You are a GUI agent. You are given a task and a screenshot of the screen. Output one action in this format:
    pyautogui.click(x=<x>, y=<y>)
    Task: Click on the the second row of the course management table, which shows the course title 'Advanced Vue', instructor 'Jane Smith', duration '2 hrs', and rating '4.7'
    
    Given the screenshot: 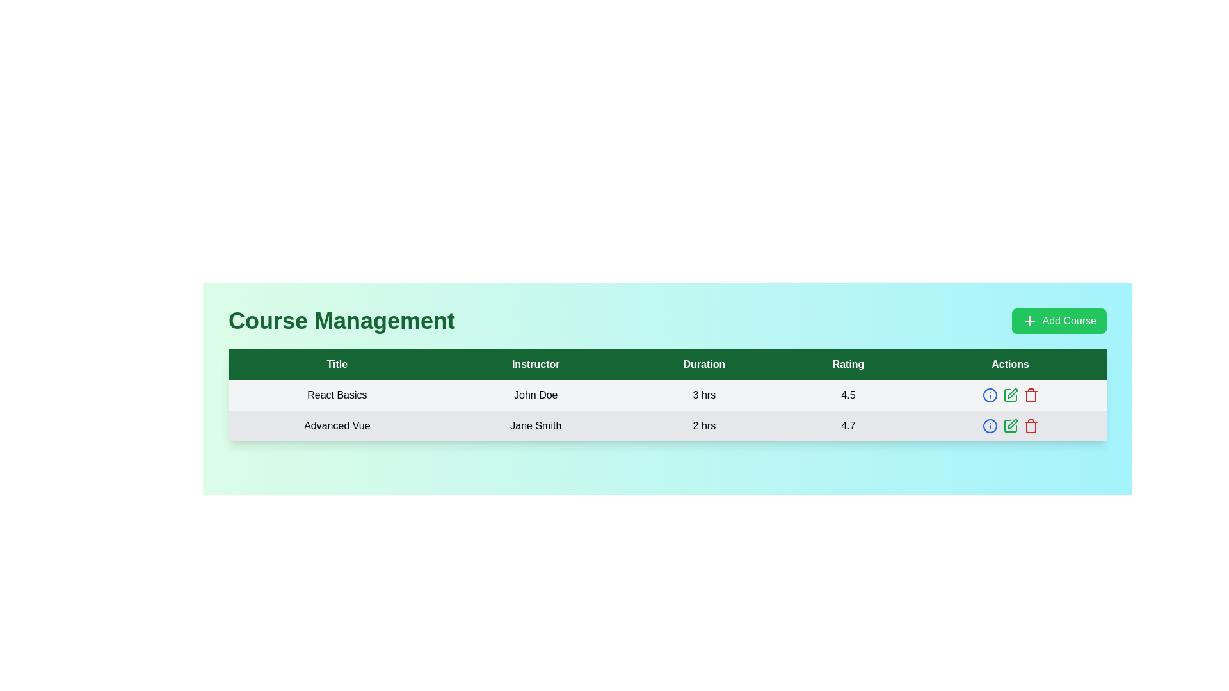 What is the action you would take?
    pyautogui.click(x=666, y=426)
    